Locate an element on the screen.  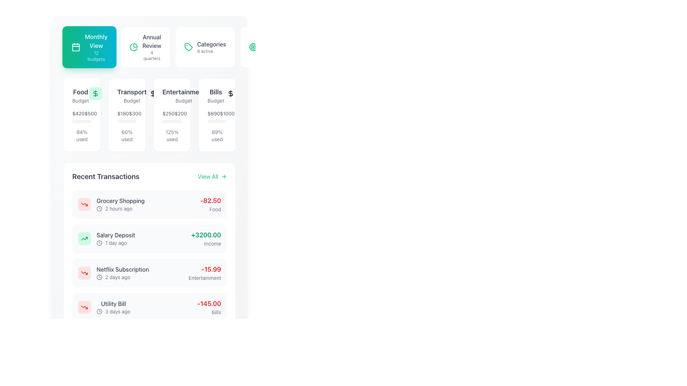
the Text label indicating a salary deposit transaction in the Recent Transactions section is located at coordinates (116, 235).